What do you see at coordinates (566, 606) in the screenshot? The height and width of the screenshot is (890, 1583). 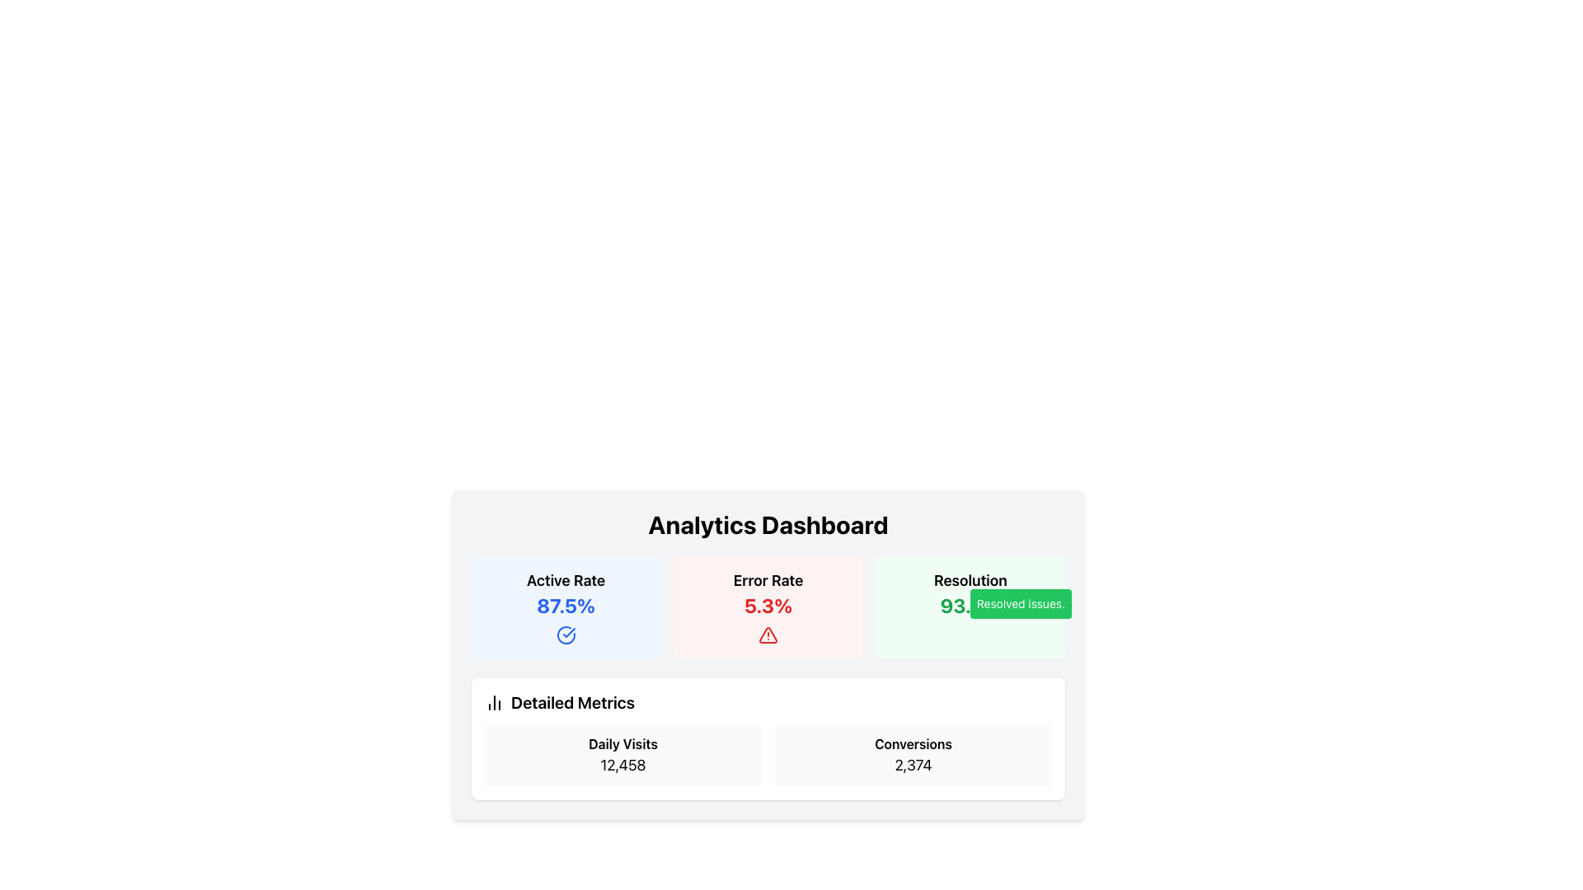 I see `the Statistical Metric Display that shows the active rate percentage, located below the 'Active Rate' label and above a circular checkmark icon` at bounding box center [566, 606].